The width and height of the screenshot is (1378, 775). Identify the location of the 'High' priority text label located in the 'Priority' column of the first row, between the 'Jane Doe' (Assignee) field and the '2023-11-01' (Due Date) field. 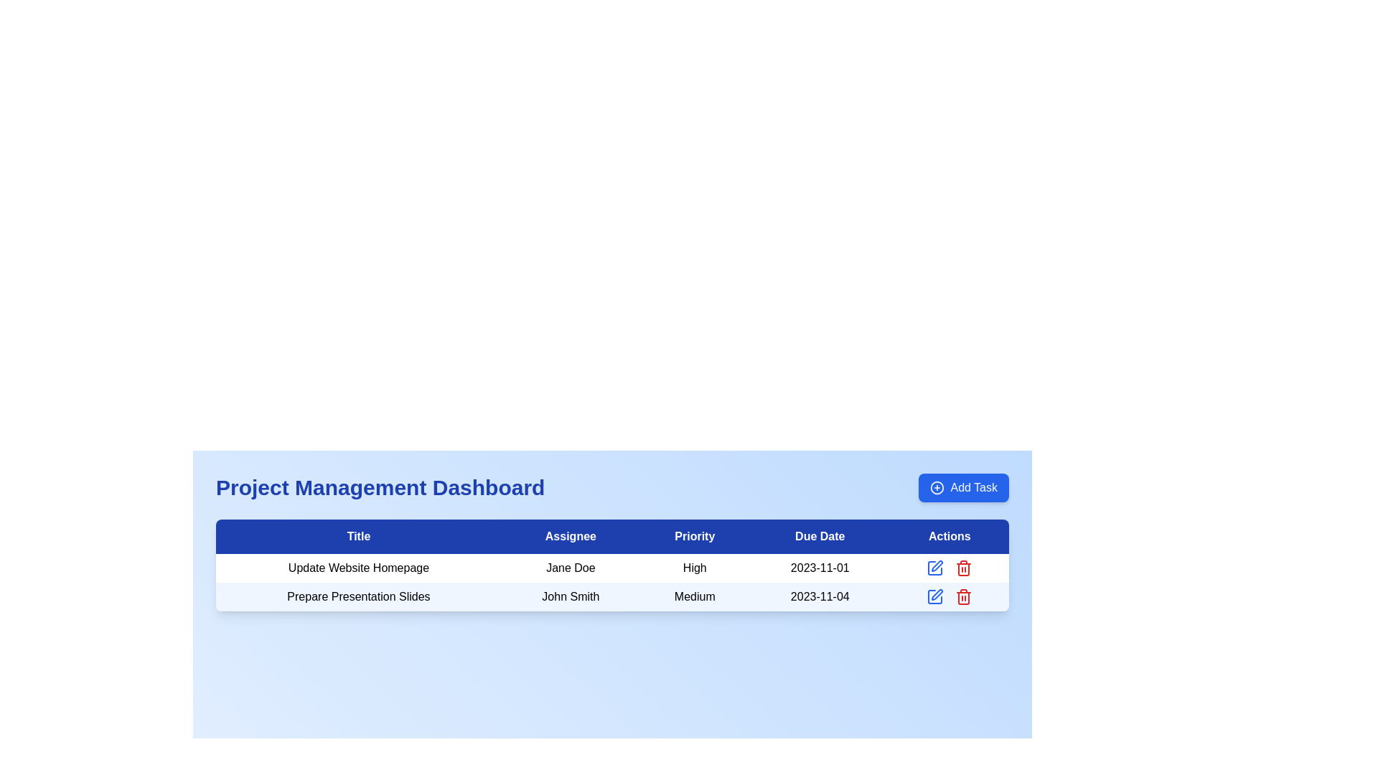
(695, 567).